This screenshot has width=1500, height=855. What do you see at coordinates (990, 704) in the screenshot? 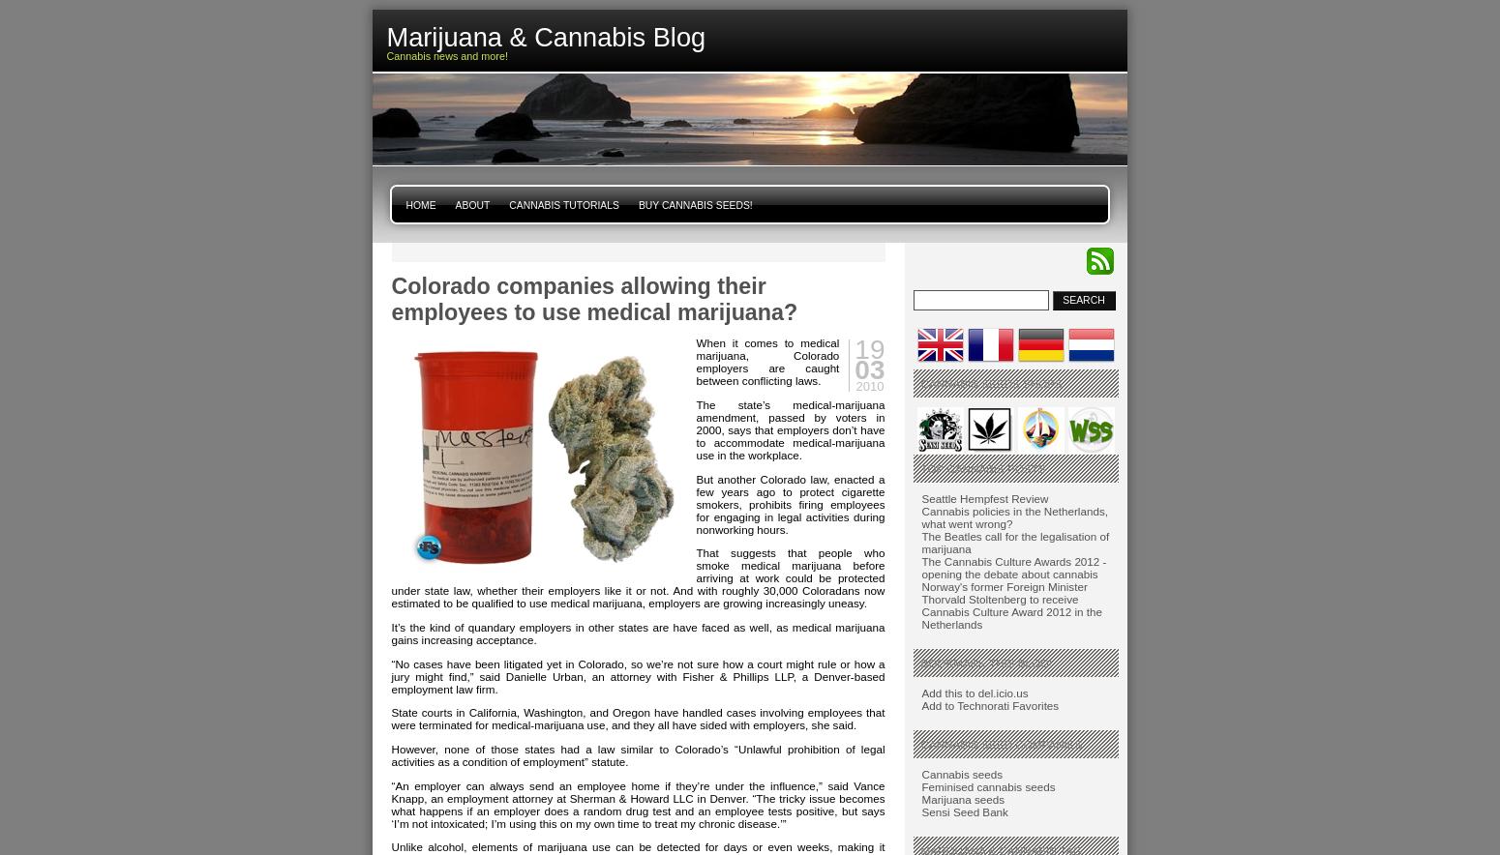
I see `'Add to Technorati Favorites'` at bounding box center [990, 704].